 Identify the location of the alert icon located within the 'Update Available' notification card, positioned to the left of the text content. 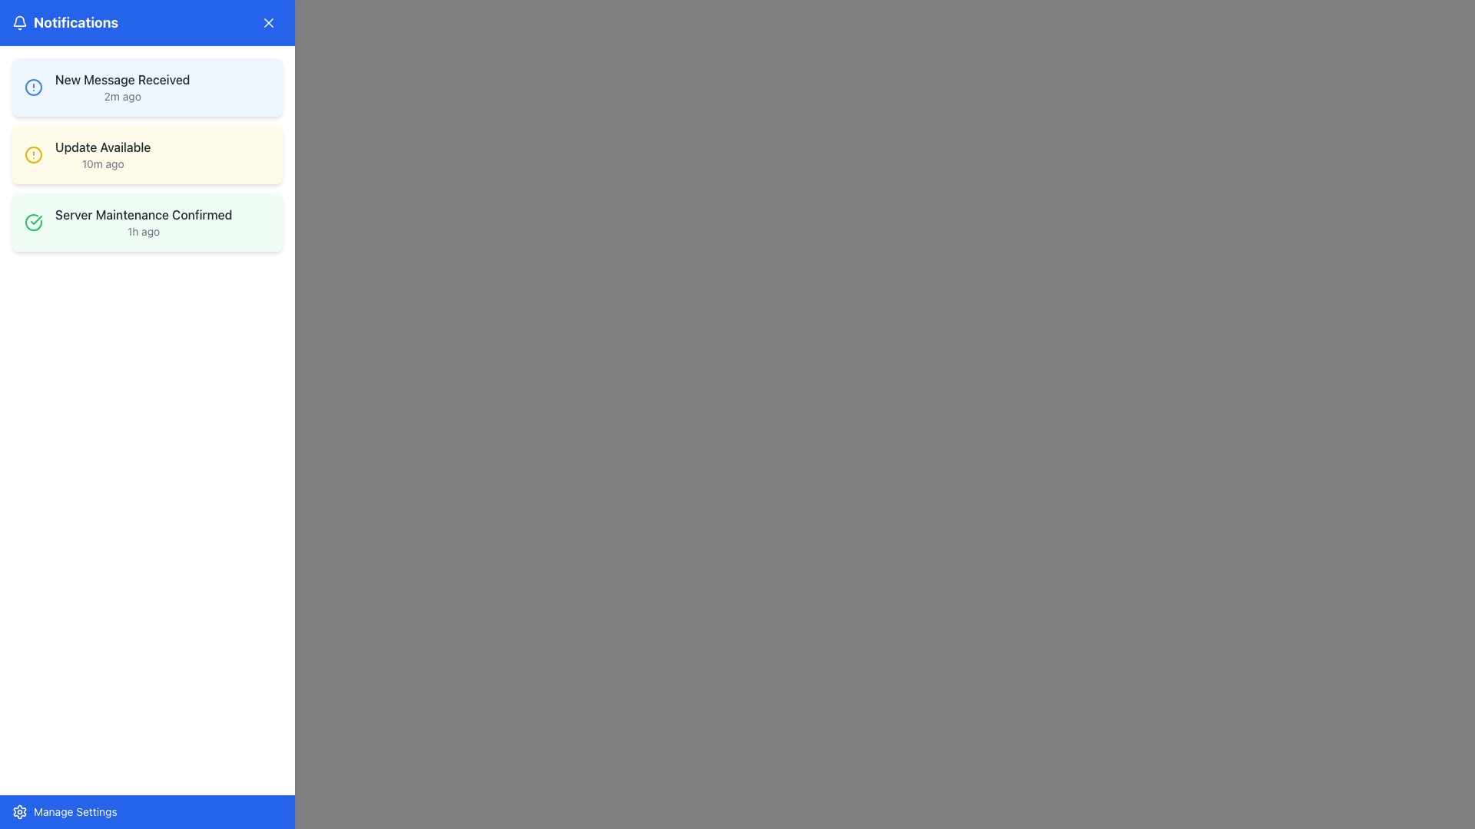
(33, 154).